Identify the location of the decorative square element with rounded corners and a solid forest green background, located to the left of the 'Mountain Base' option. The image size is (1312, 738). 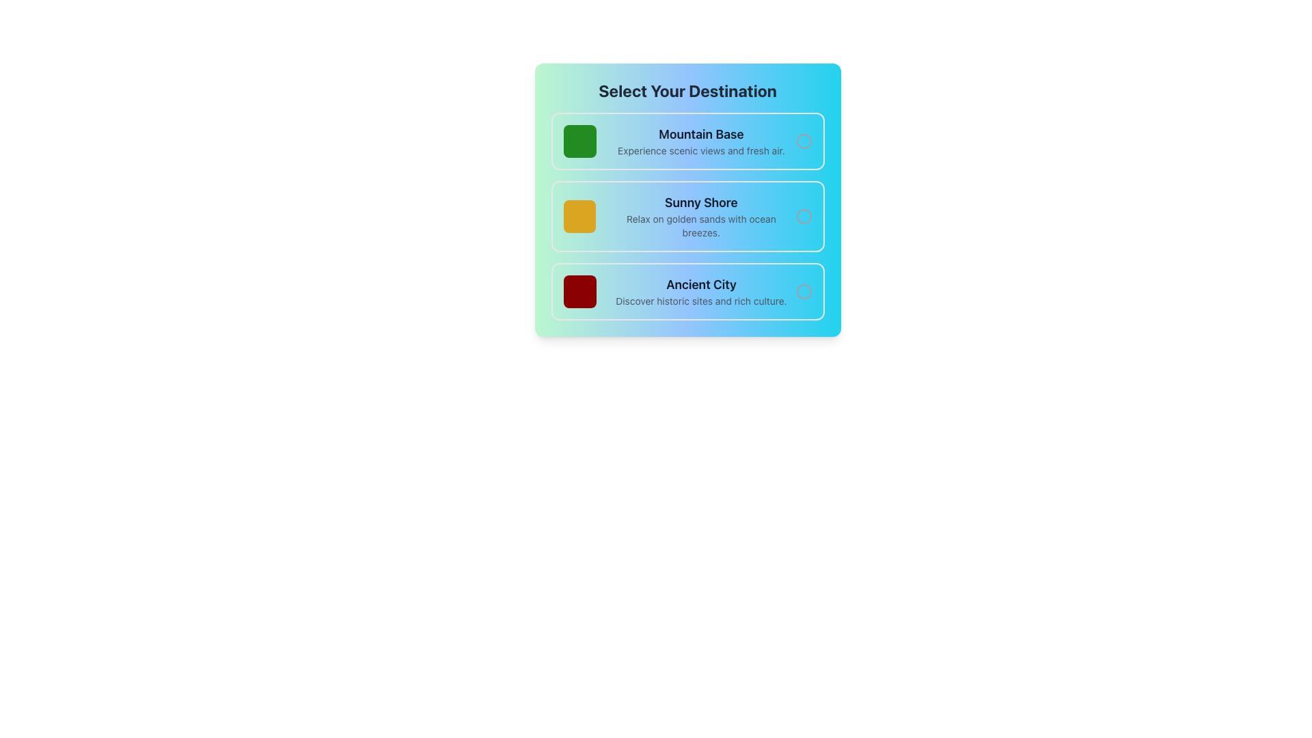
(579, 141).